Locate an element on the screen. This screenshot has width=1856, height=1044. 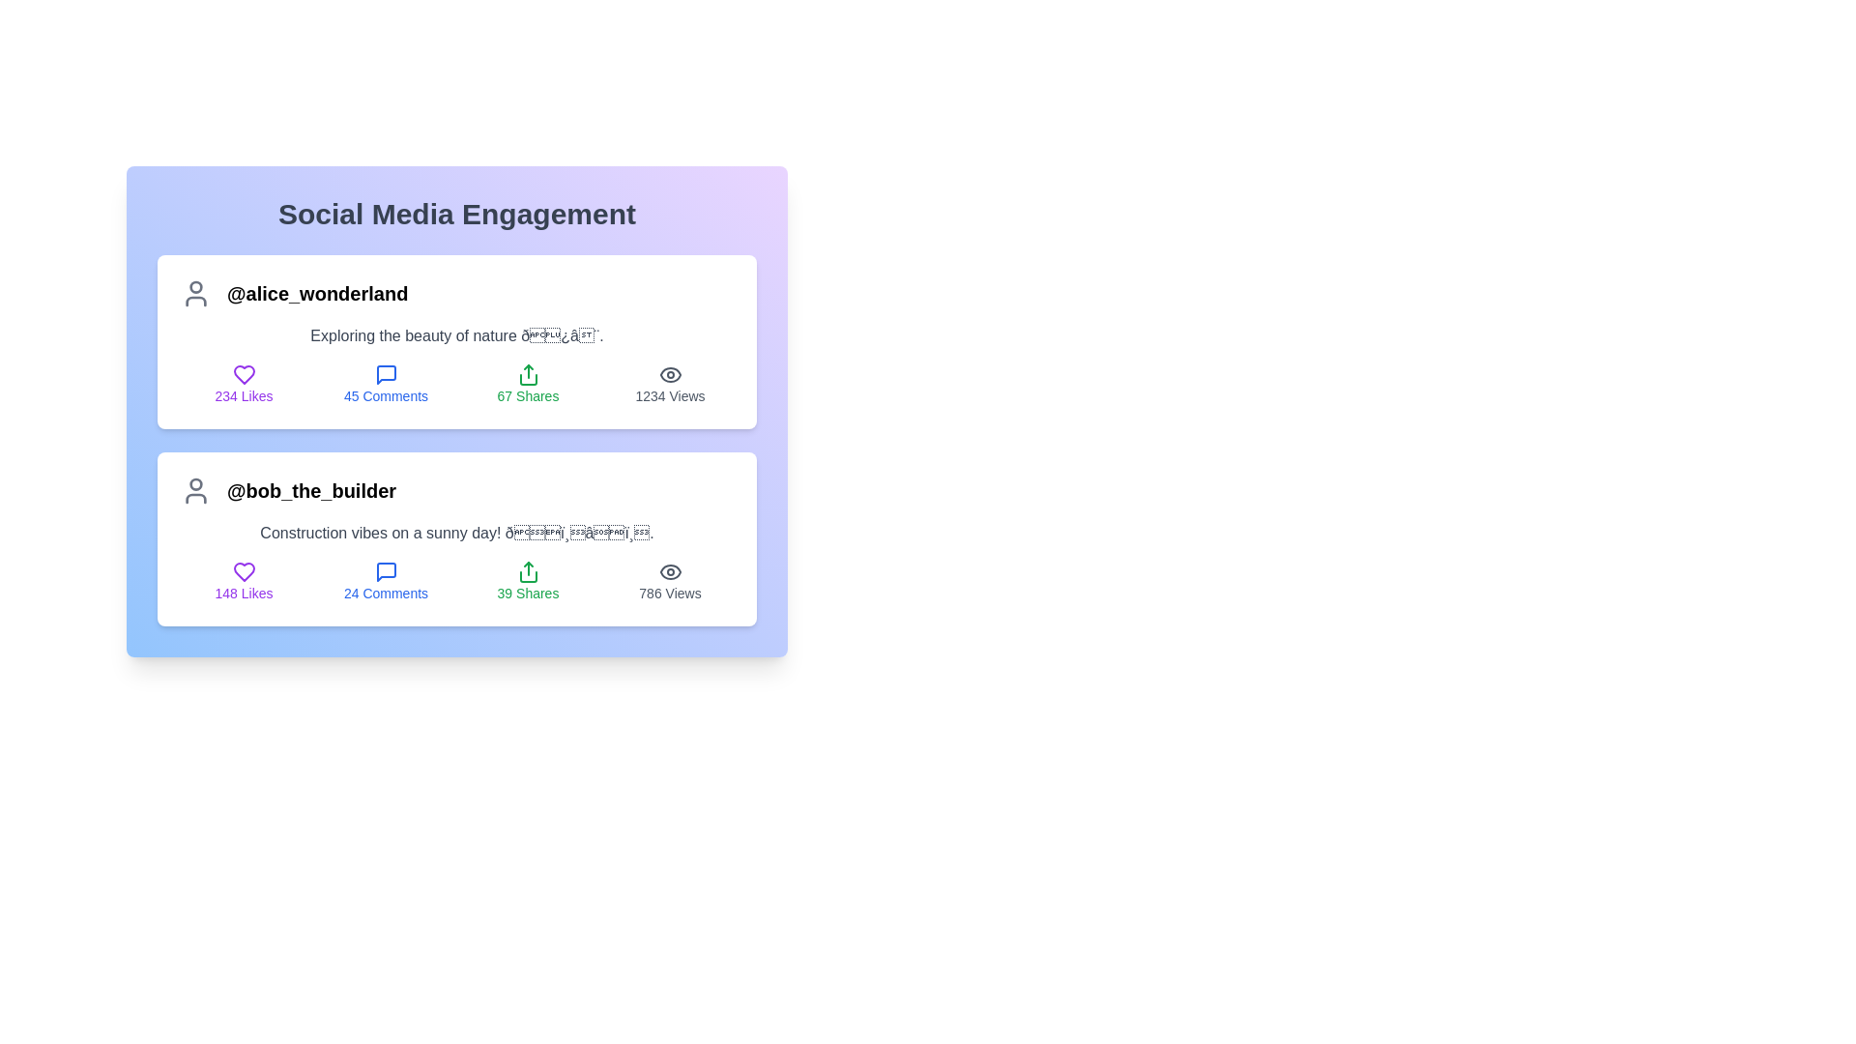
the text label displaying '786 Views' located in the lower right section of the second content card, adjacent to the eye icon is located at coordinates (670, 592).